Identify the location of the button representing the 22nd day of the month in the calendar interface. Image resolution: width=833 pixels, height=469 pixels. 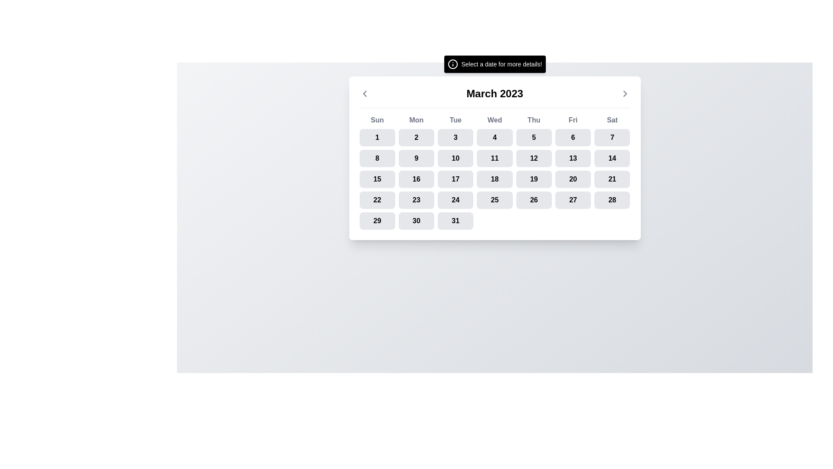
(377, 200).